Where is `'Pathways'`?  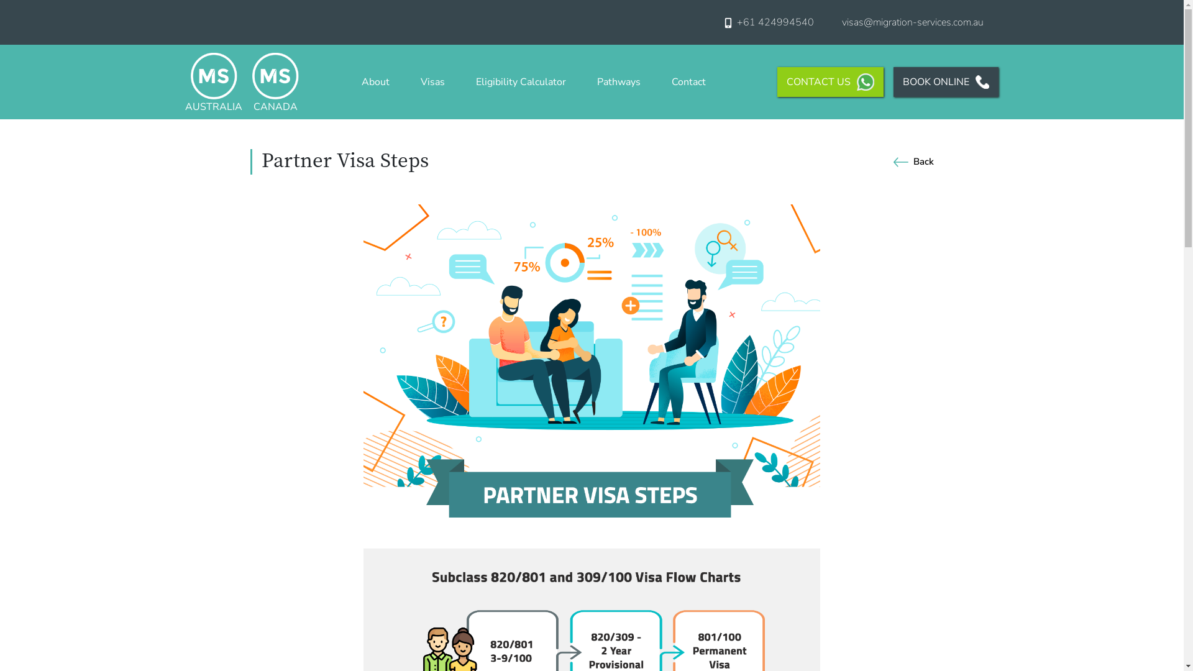 'Pathways' is located at coordinates (593, 81).